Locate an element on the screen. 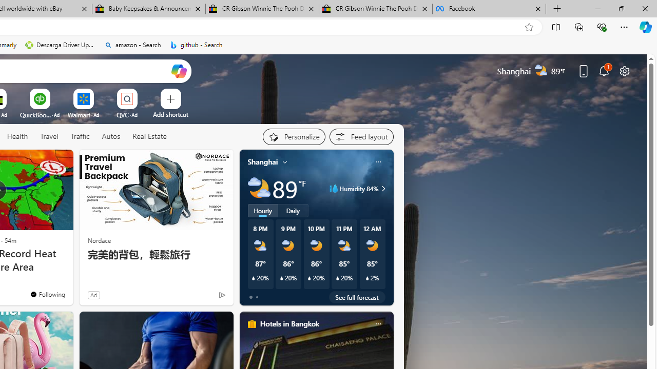 Image resolution: width=657 pixels, height=369 pixels. 'You' is located at coordinates (47, 294).